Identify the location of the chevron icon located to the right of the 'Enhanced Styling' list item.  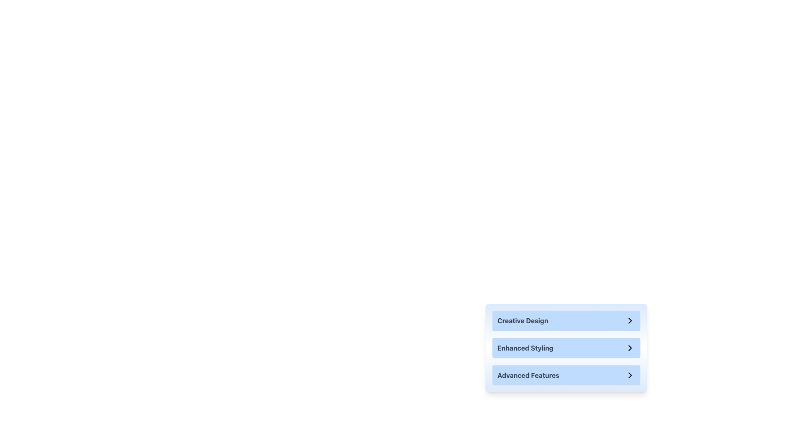
(630, 348).